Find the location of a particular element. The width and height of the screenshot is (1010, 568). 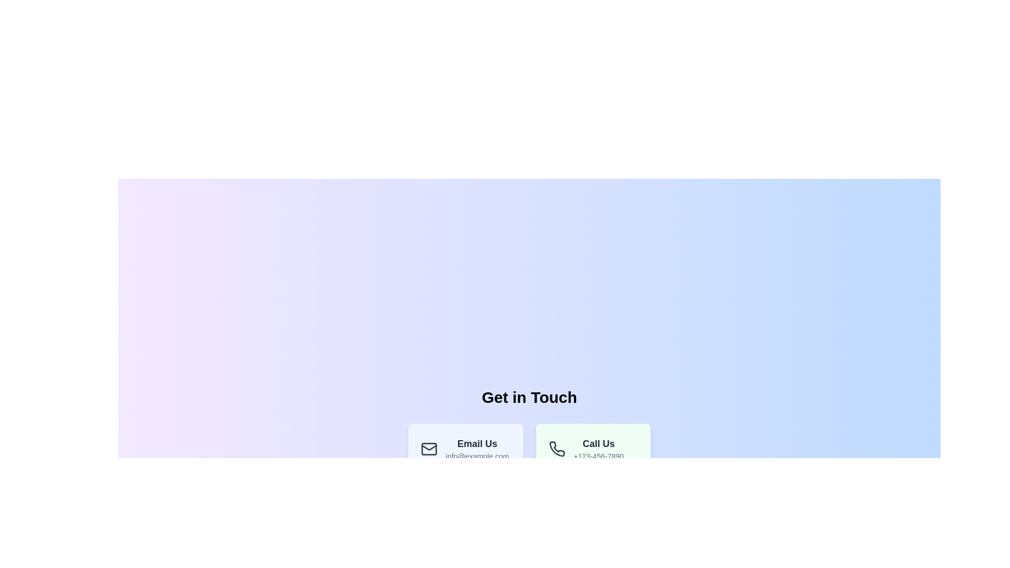

the decorative envelope body icon located under the 'Email Us' section, to the left of the 'Call Us' section is located at coordinates (429, 449).